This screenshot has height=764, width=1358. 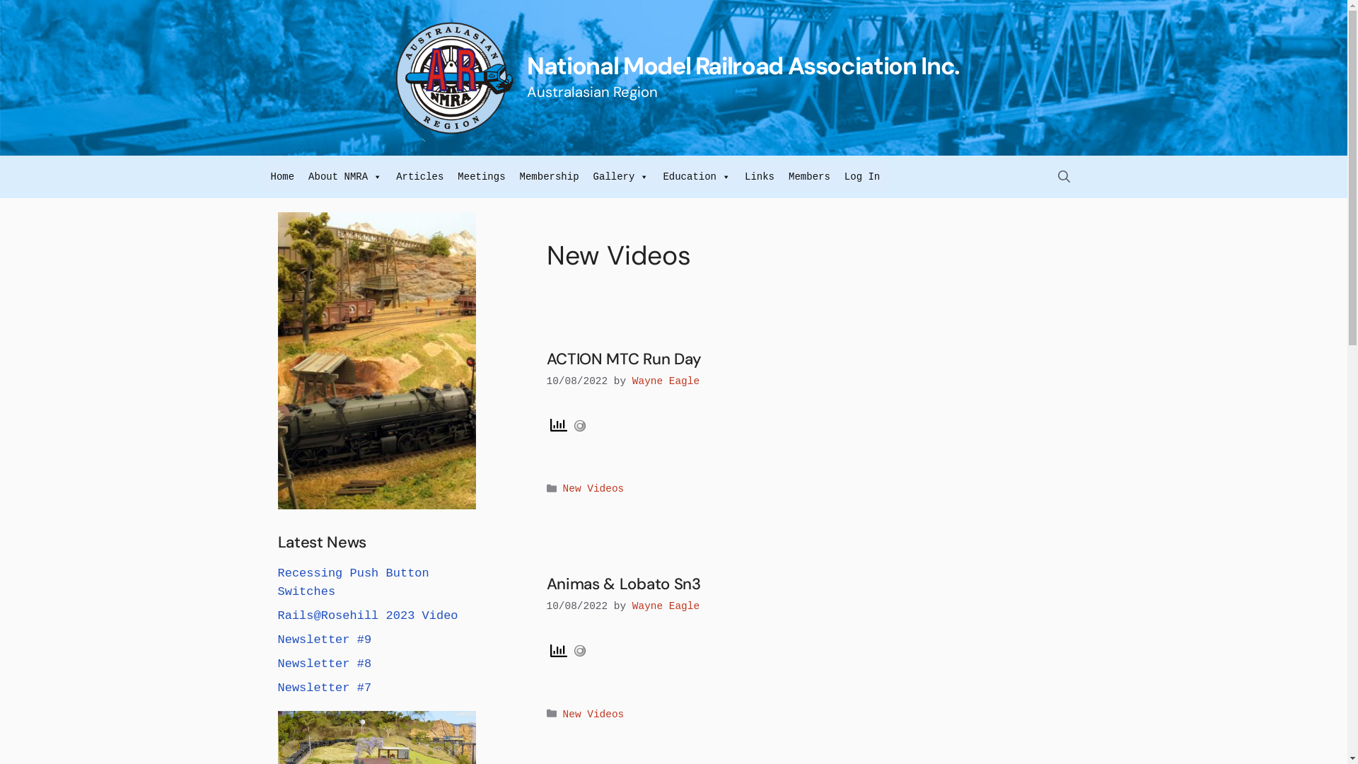 I want to click on 'Wayne Eagle', so click(x=631, y=605).